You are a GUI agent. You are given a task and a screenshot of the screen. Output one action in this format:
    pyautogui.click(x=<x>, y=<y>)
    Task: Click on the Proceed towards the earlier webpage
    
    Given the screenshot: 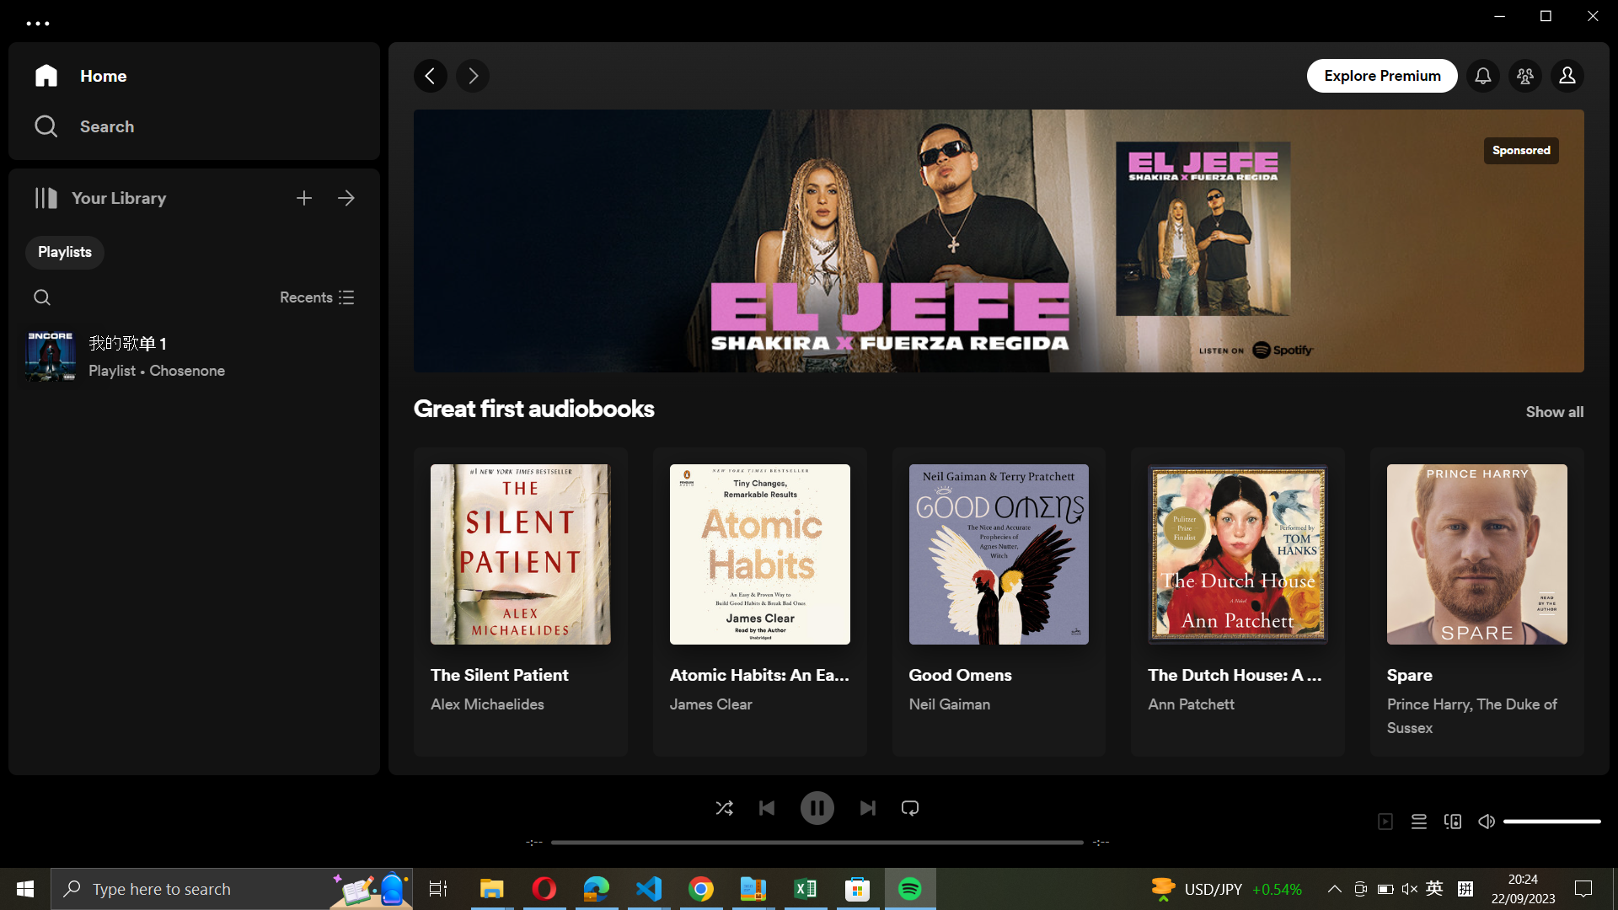 What is the action you would take?
    pyautogui.click(x=431, y=77)
    